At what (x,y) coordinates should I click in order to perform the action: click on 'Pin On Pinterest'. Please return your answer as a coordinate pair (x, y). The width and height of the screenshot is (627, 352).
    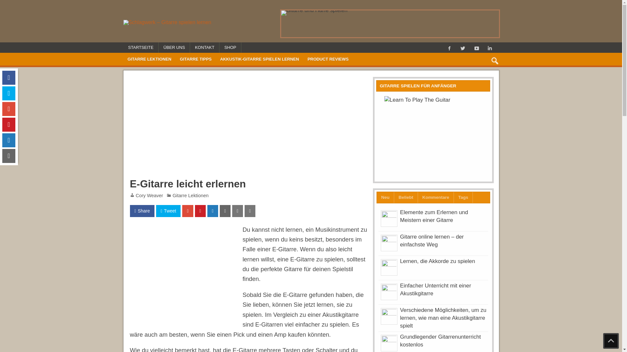
    Looking at the image, I should click on (200, 211).